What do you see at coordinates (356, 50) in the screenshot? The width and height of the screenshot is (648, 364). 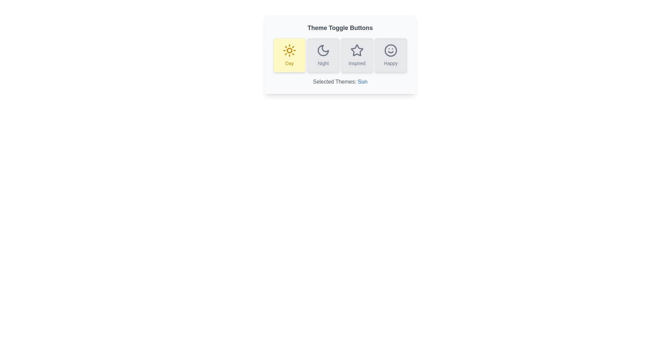 I see `the 'Inspired' theme toggle button, which is the third in a row of four toggle buttons, located between the 'Night' and 'Happy' buttons` at bounding box center [356, 50].